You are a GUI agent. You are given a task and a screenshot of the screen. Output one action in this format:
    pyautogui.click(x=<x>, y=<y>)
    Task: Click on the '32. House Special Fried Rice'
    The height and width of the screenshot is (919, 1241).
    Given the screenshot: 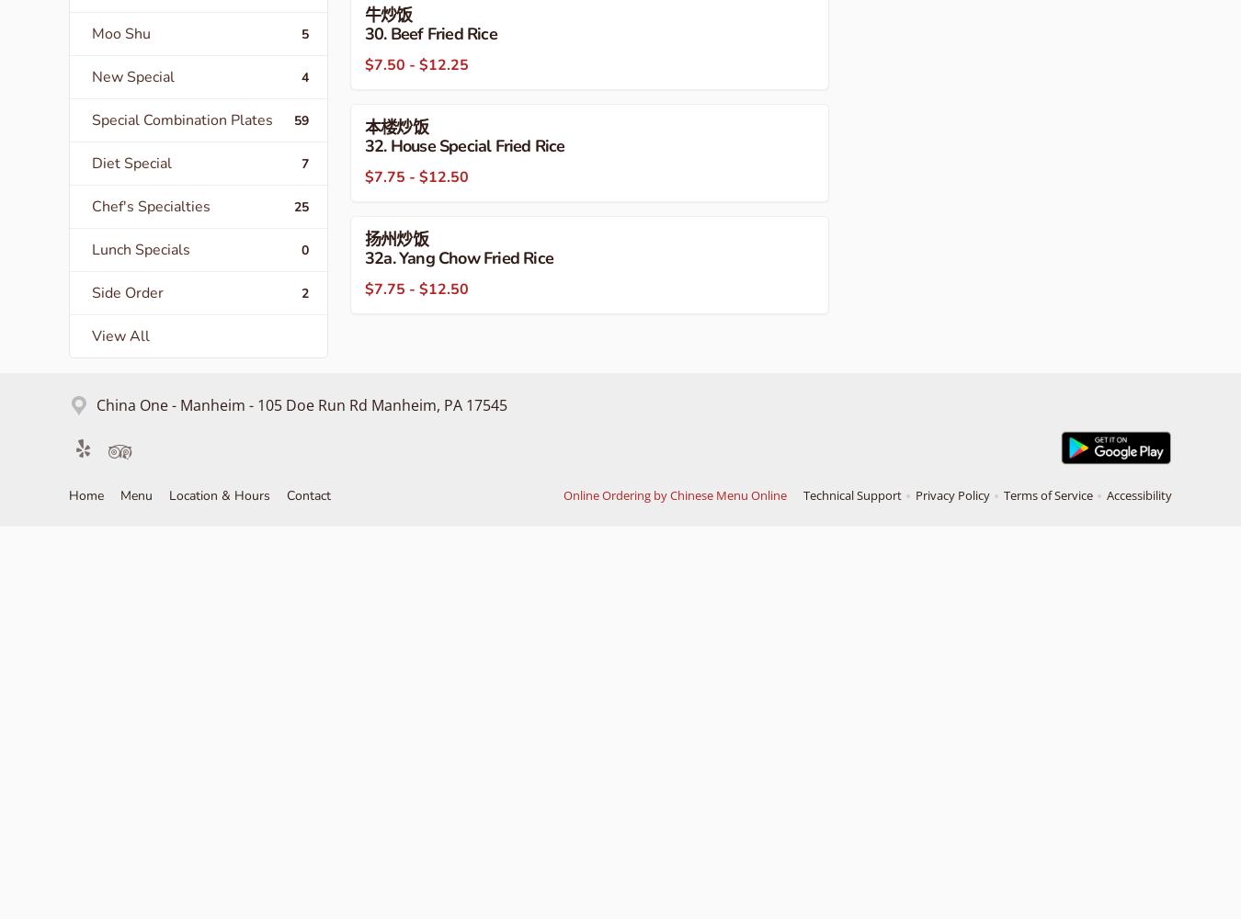 What is the action you would take?
    pyautogui.click(x=463, y=146)
    